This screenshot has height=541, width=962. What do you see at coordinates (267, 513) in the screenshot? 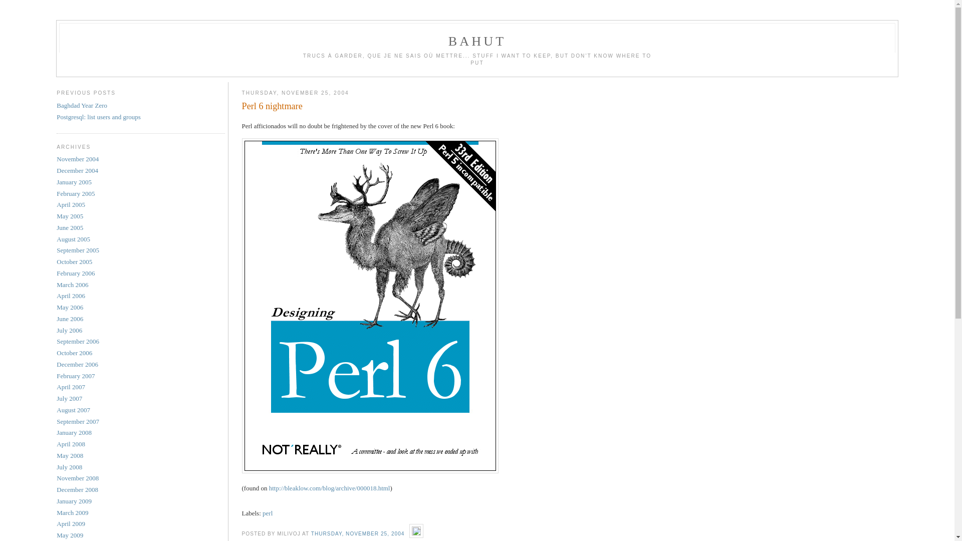
I see `'perl'` at bounding box center [267, 513].